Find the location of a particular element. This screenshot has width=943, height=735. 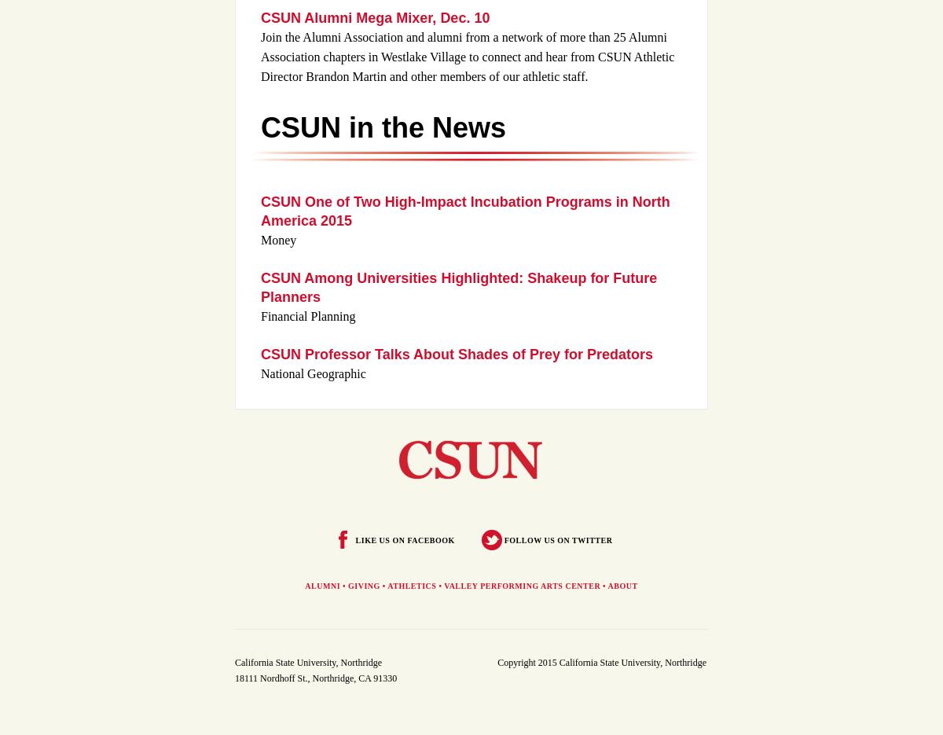

'California State University, Northridge' is located at coordinates (308, 662).